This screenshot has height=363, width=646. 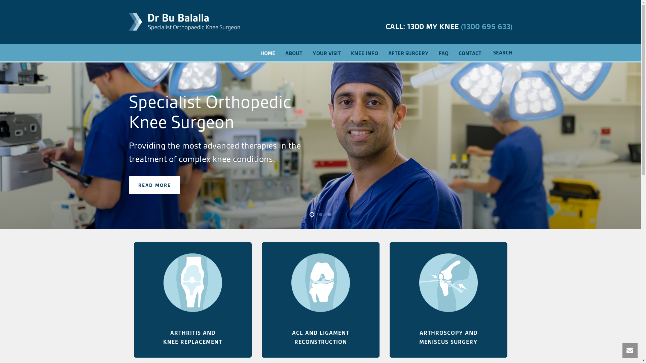 I want to click on 'ARTHROSCOPY AND, so click(x=419, y=337).